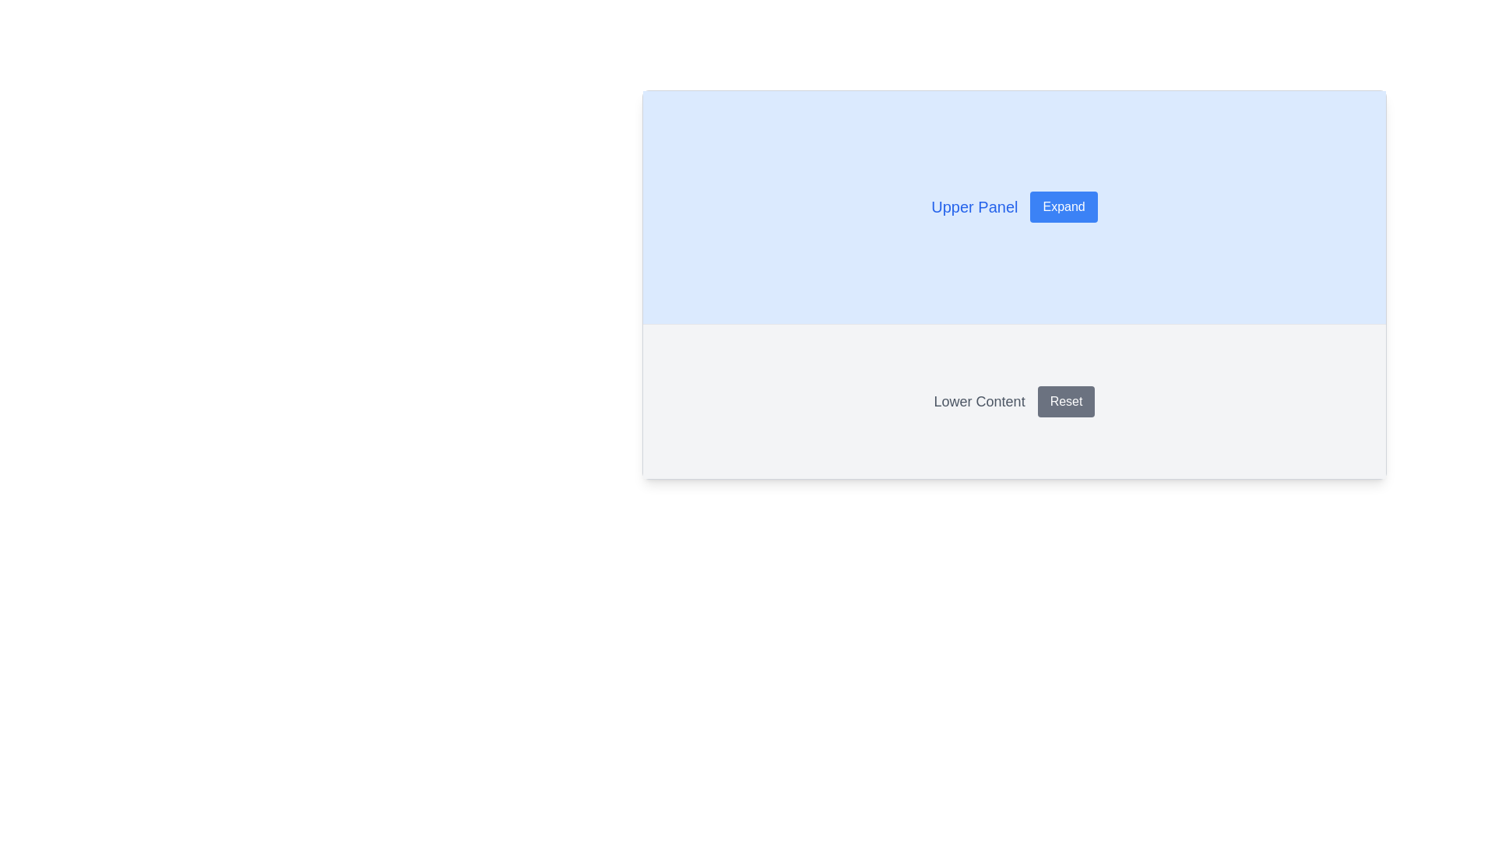 Image resolution: width=1495 pixels, height=841 pixels. What do you see at coordinates (979, 400) in the screenshot?
I see `text label 'Lower Content' which is styled with a larger font size and light gray color, located in the lower panel of the layout, to the left of the 'Reset' button` at bounding box center [979, 400].